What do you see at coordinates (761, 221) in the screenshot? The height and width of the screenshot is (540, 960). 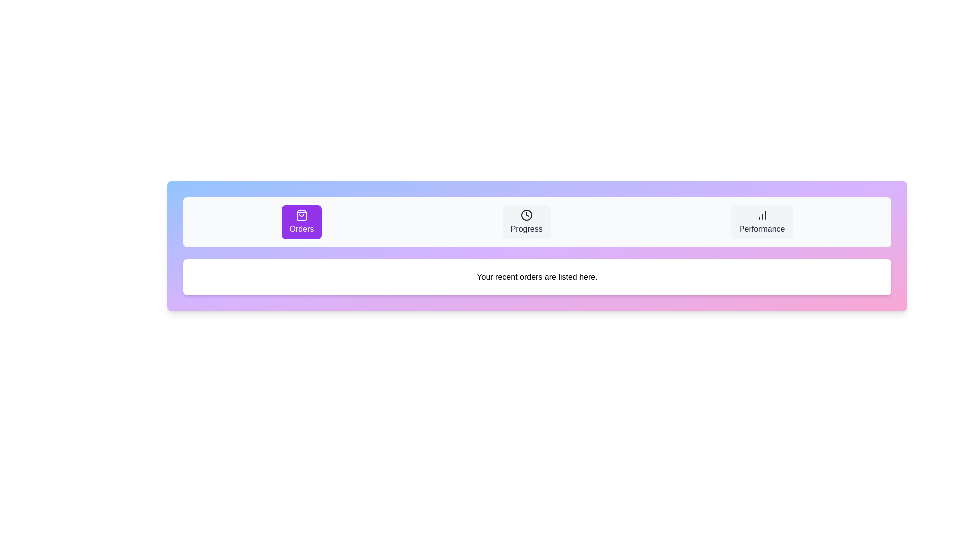 I see `the performance metrics button, which is the third button in a row of three` at bounding box center [761, 221].